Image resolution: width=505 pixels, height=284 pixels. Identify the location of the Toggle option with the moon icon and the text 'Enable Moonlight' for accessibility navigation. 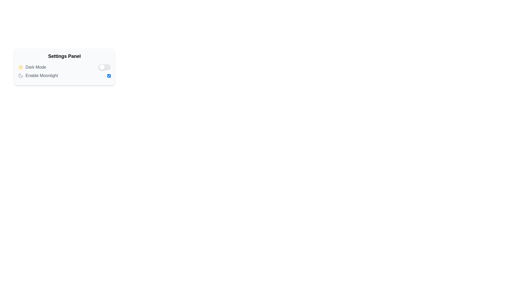
(64, 76).